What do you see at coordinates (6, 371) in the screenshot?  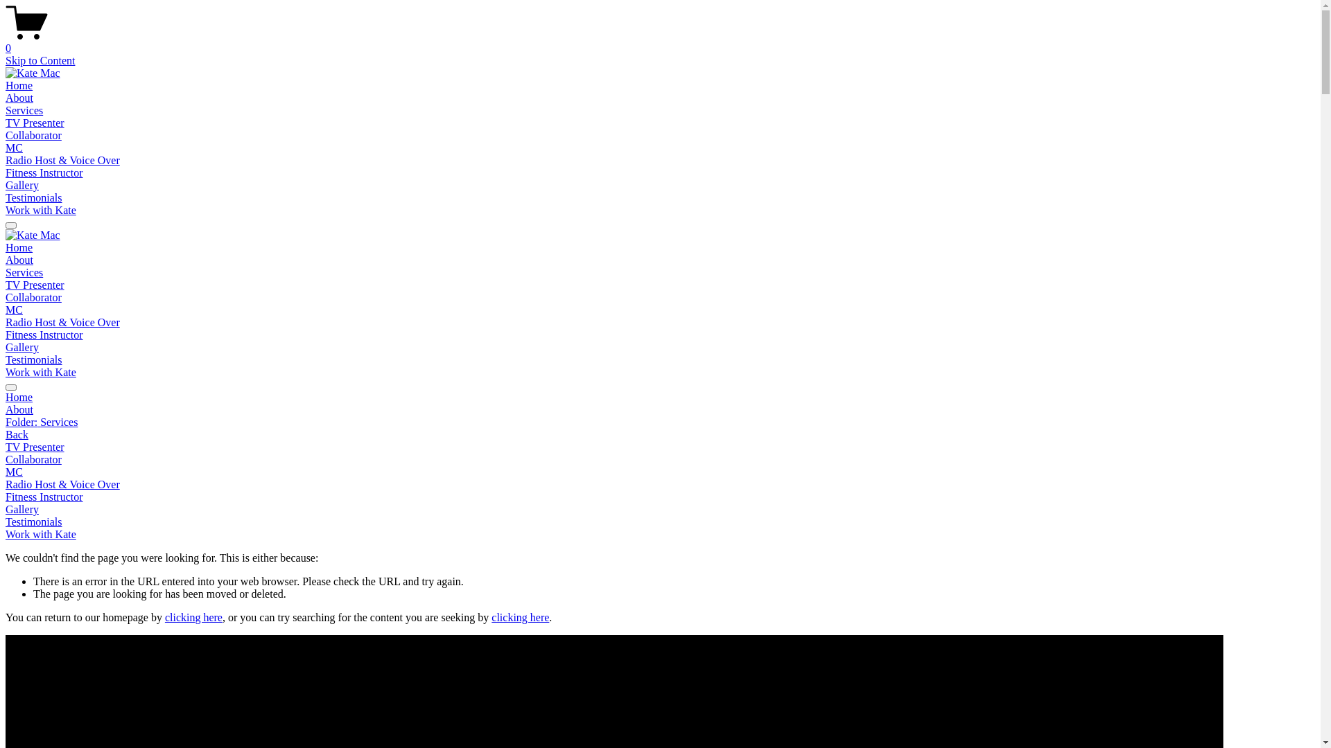 I see `'Work with Kate'` at bounding box center [6, 371].